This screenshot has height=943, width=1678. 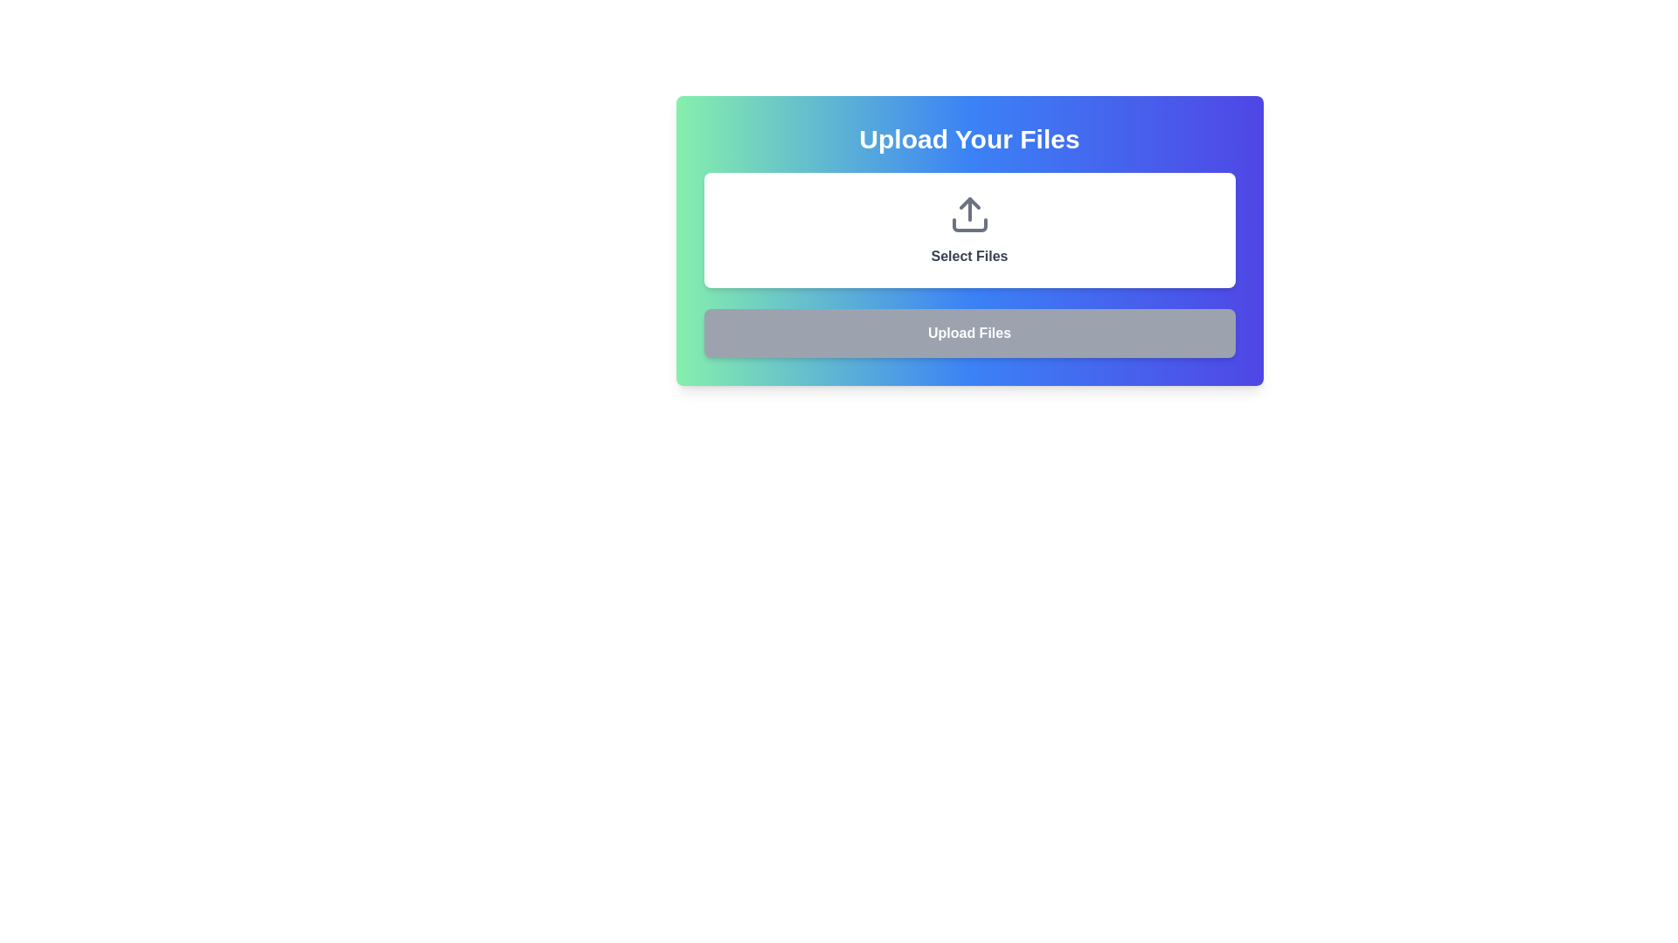 What do you see at coordinates (968, 229) in the screenshot?
I see `the file upload input area located below the 'Upload Your Files' text and above the 'Upload Files' button` at bounding box center [968, 229].